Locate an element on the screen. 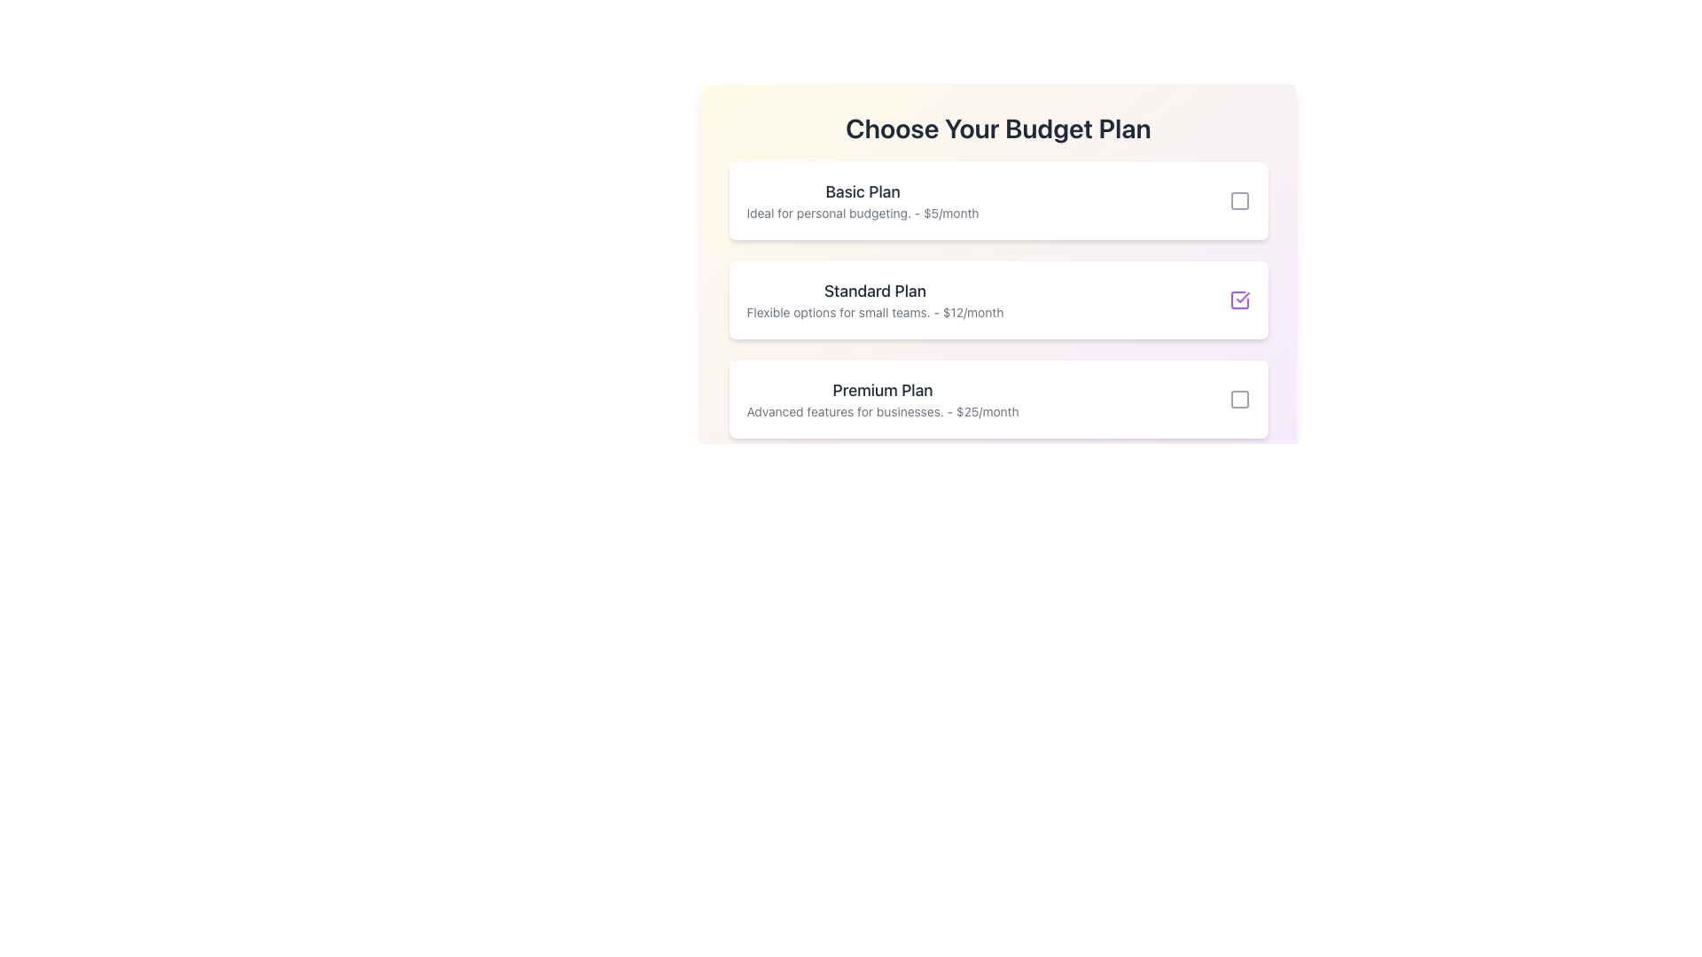 This screenshot has width=1702, height=957. the 'Premium Plan' text label, which is located above the descriptive text 'Advanced features for businesses. - $25/month' and below the 'Standard Plan' item in the vertical selection list is located at coordinates (883, 389).